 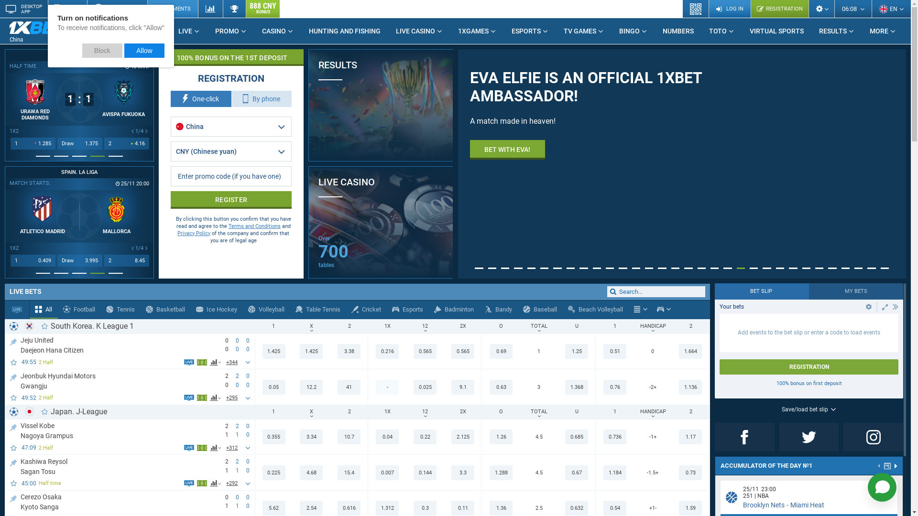 What do you see at coordinates (895, 465) in the screenshot?
I see `'Next accumulator'` at bounding box center [895, 465].